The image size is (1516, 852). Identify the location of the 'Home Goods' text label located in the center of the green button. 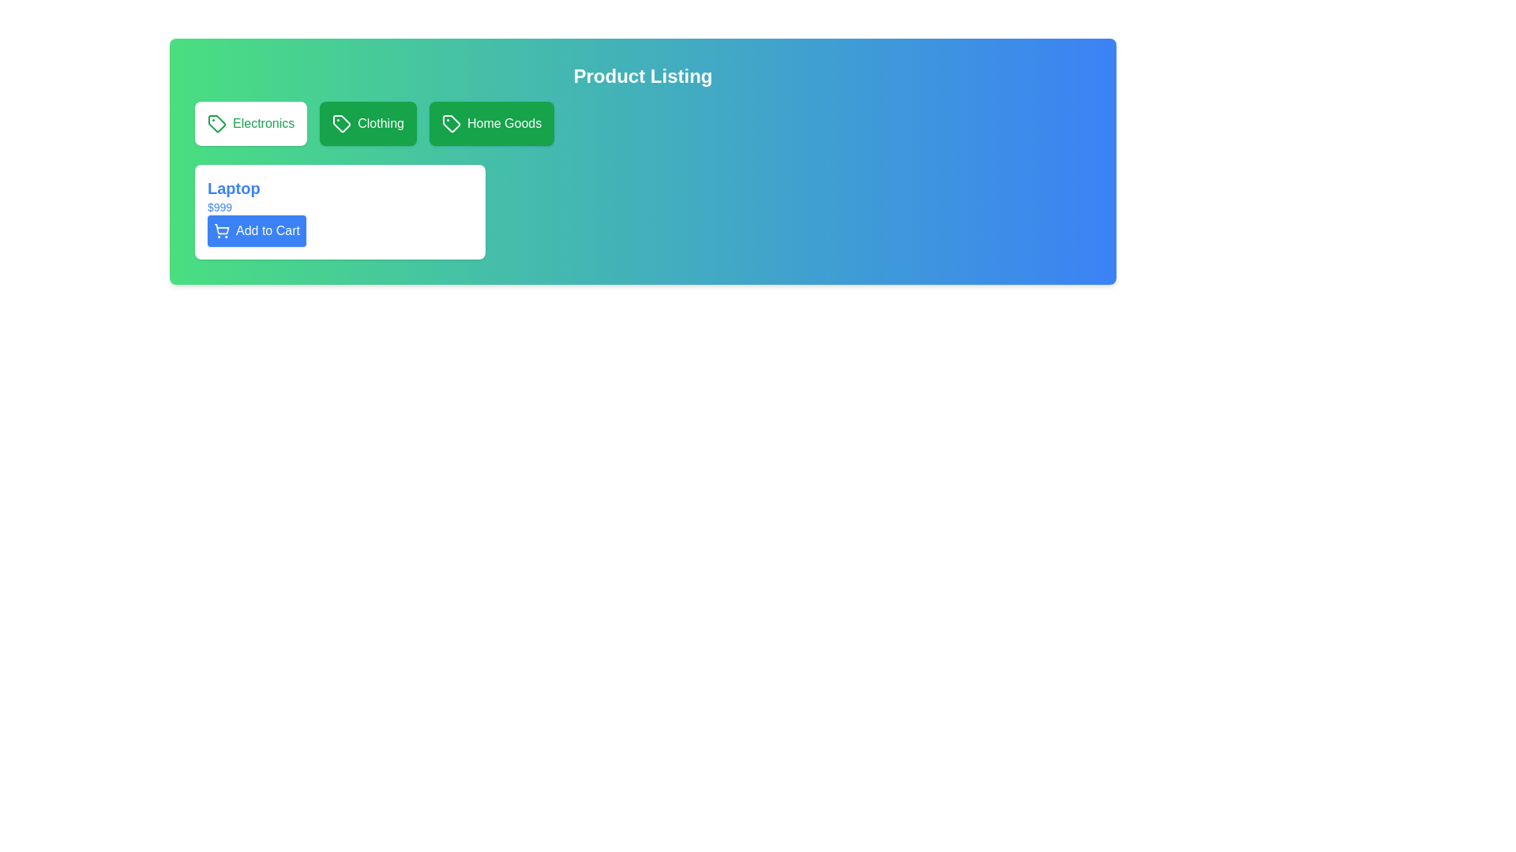
(504, 123).